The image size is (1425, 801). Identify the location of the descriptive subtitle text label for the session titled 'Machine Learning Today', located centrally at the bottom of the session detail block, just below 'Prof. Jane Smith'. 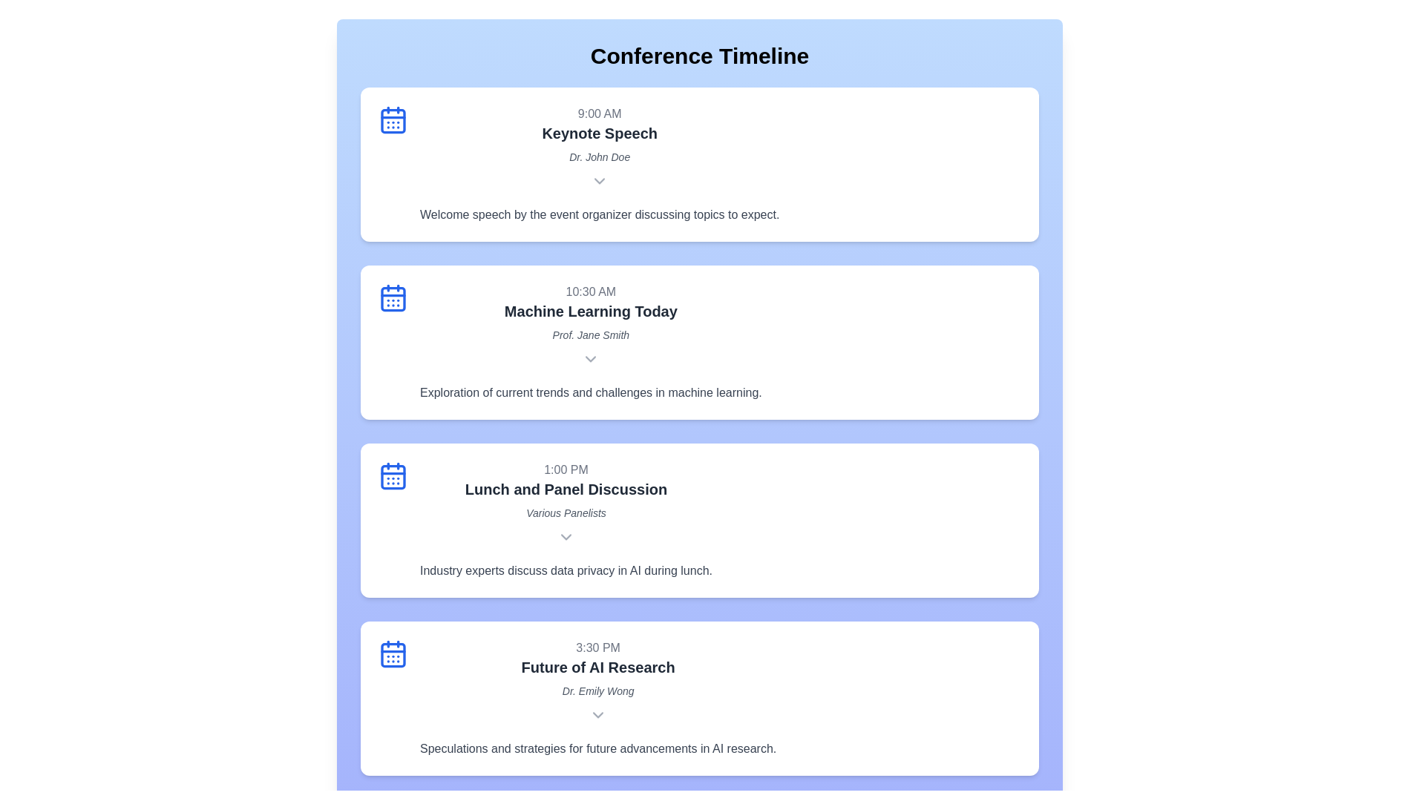
(590, 392).